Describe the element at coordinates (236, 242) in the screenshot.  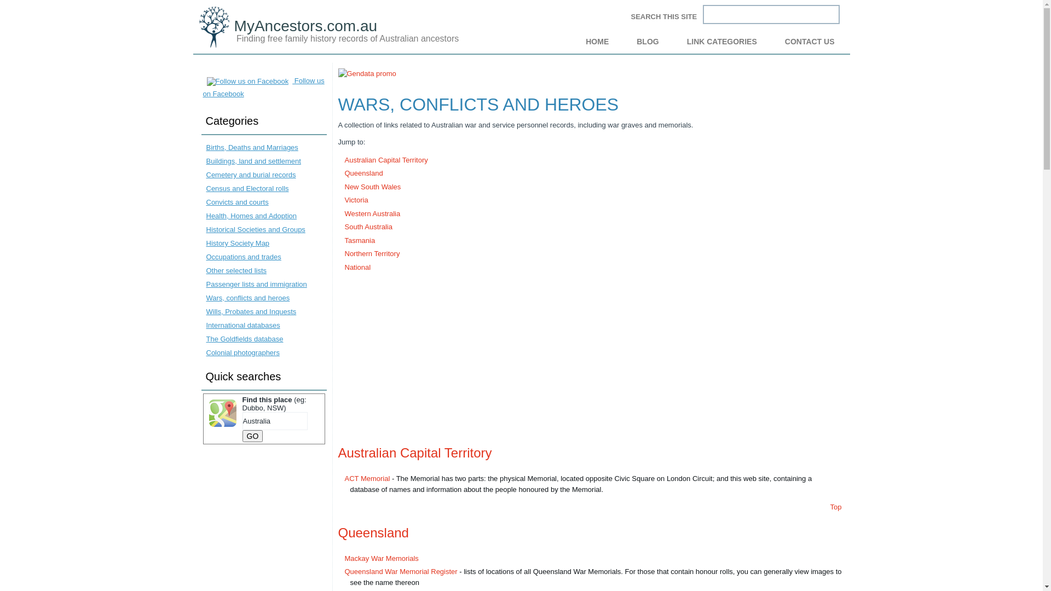
I see `'History Society Map'` at that location.